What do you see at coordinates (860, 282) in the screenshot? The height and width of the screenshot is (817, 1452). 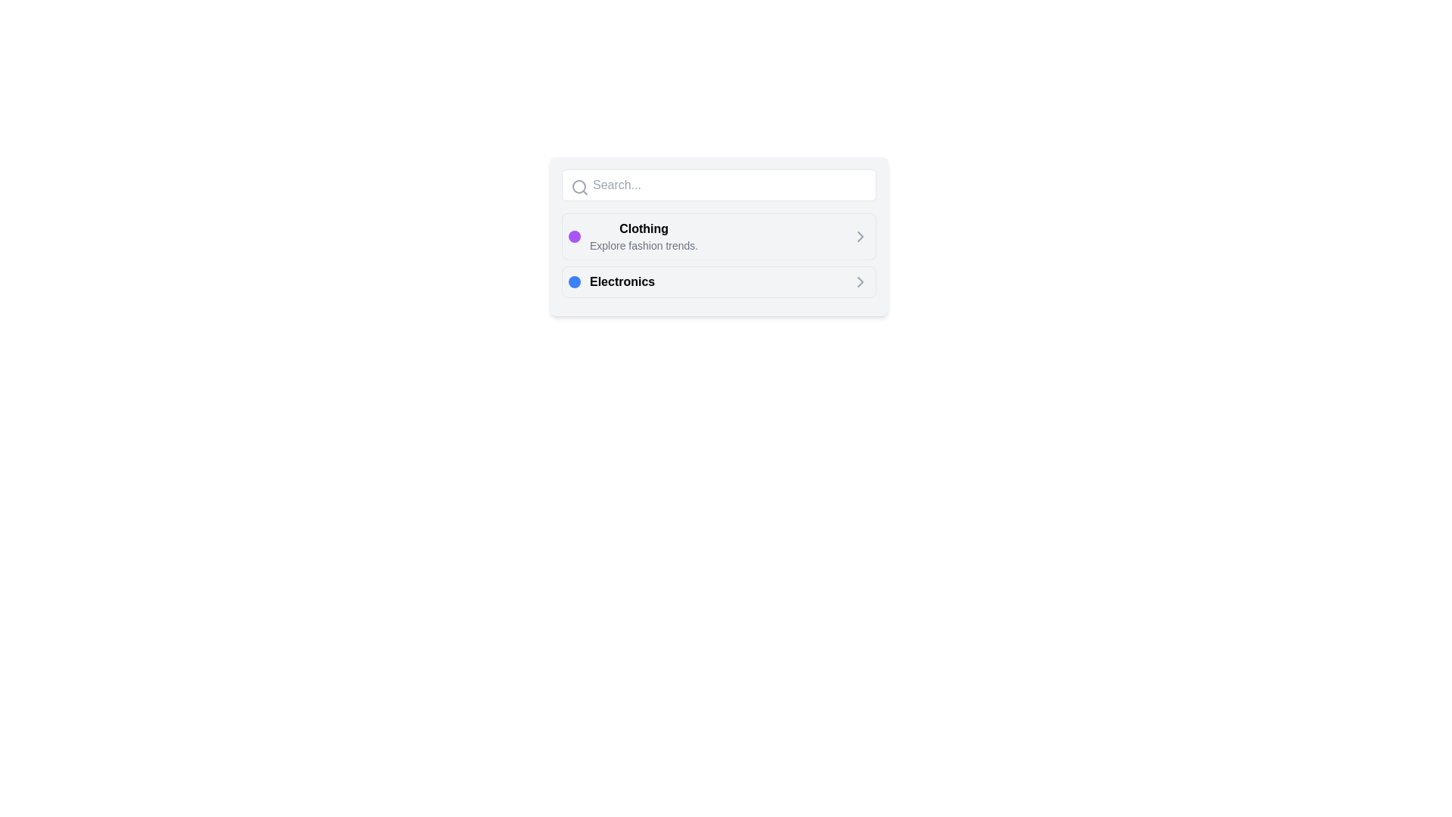 I see `the interactive button icon` at bounding box center [860, 282].